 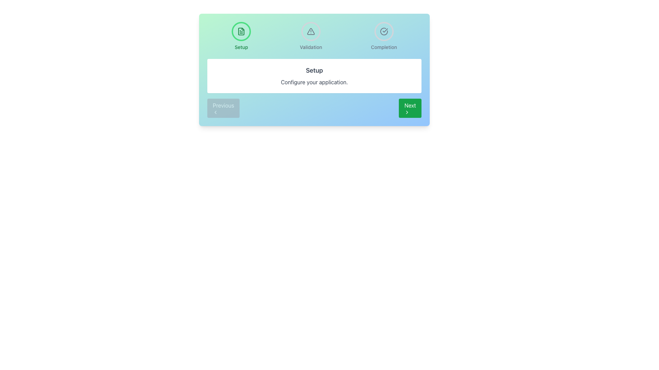 What do you see at coordinates (241, 32) in the screenshot?
I see `the 'Setup' icon located in the top-left corner of the step navigation bar to understand the current step in the workflow` at bounding box center [241, 32].